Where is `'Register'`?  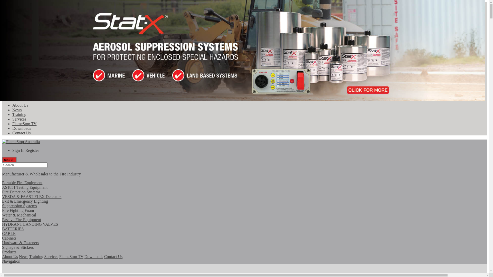
'Register' is located at coordinates (32, 150).